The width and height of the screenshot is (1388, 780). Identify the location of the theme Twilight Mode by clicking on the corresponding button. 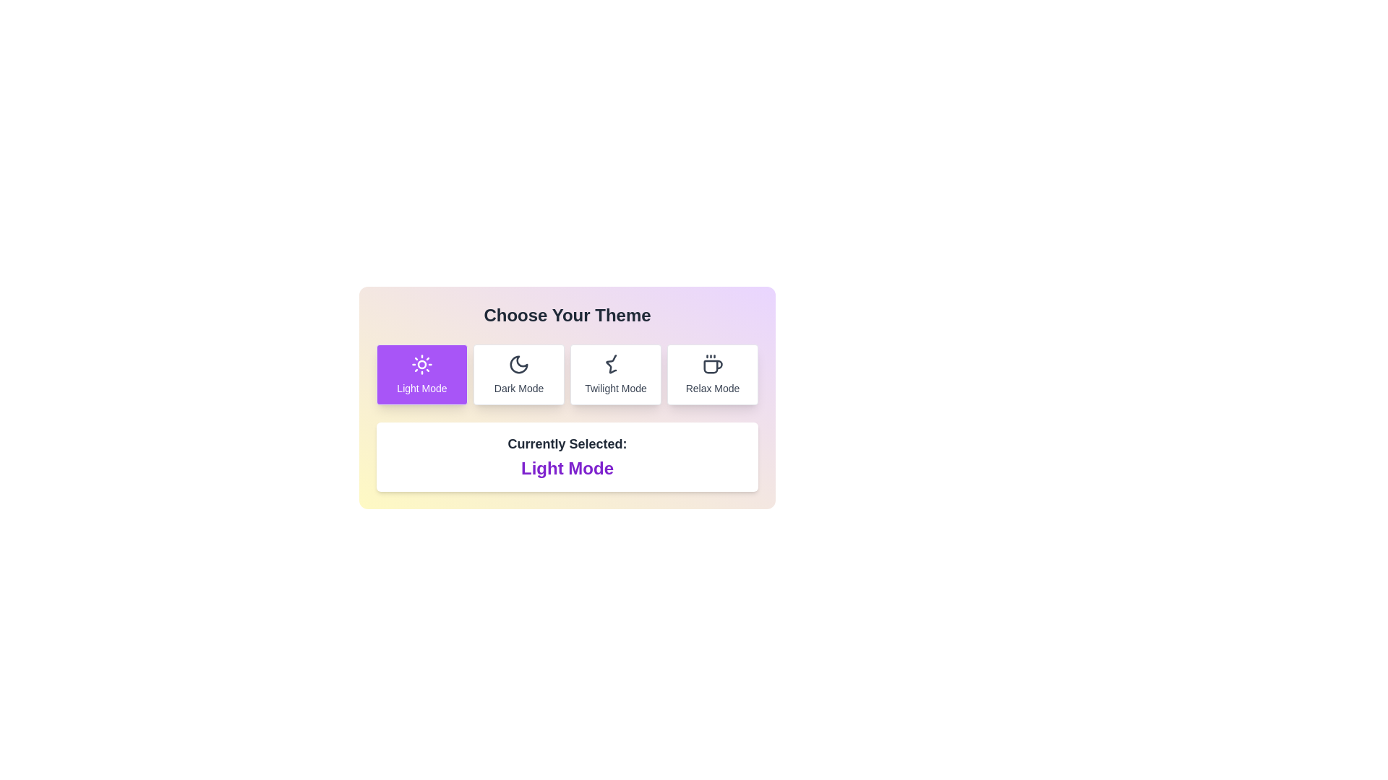
(615, 374).